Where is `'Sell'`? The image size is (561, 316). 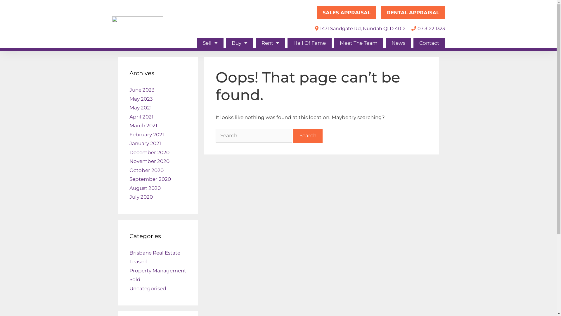
'Sell' is located at coordinates (210, 42).